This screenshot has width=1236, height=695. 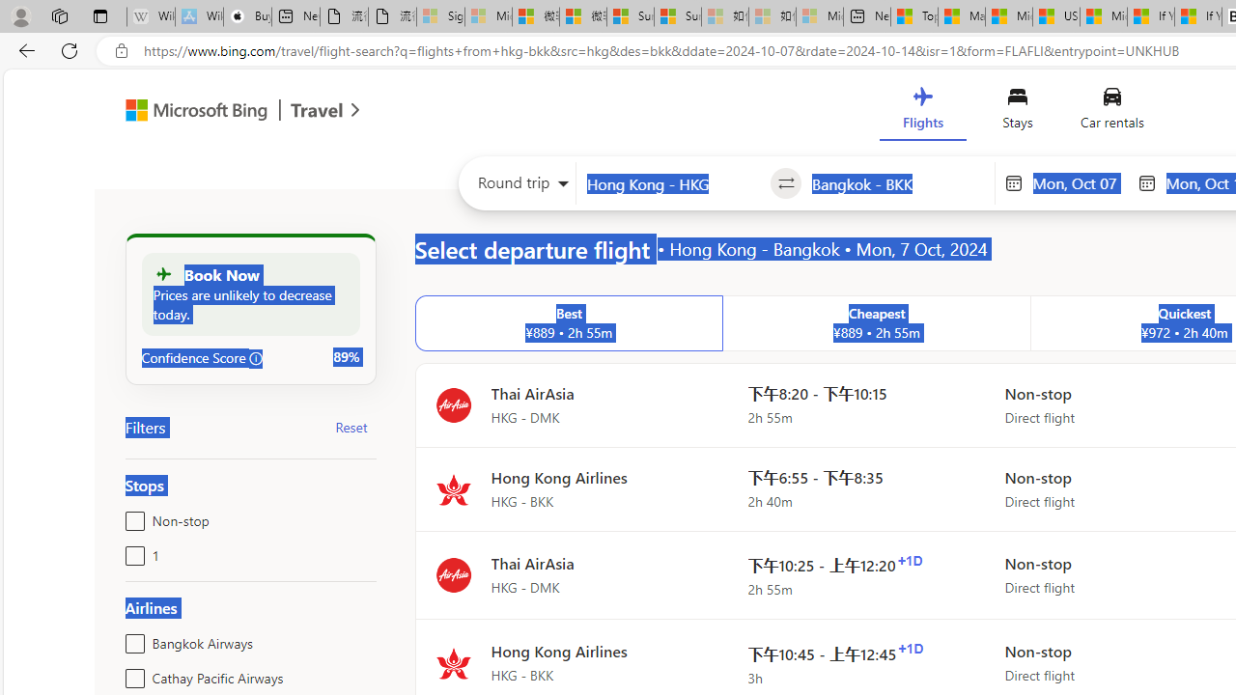 I want to click on 'Travel', so click(x=317, y=113).